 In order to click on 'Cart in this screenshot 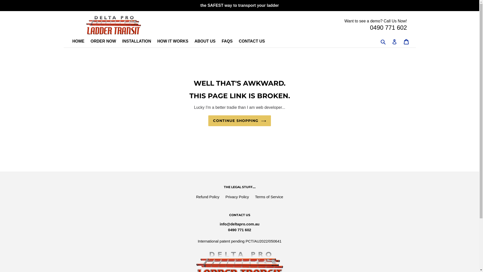, I will do `click(403, 41)`.